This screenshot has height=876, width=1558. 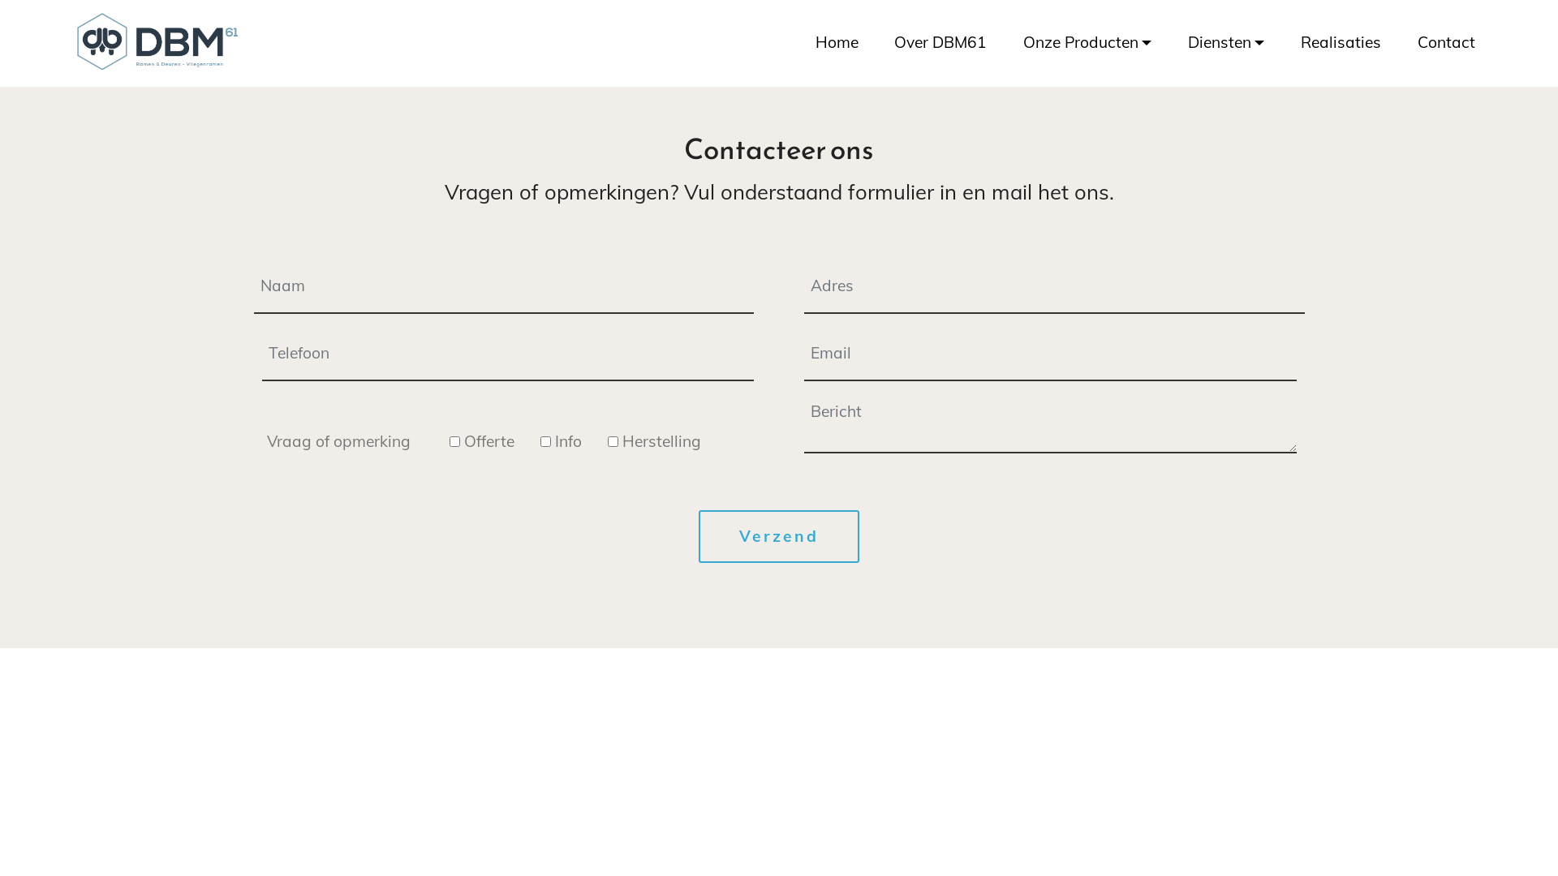 What do you see at coordinates (893, 43) in the screenshot?
I see `'Over DBM61'` at bounding box center [893, 43].